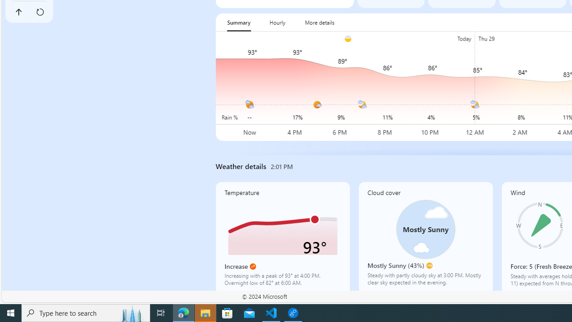 This screenshot has height=322, width=572. What do you see at coordinates (39, 12) in the screenshot?
I see `'Refresh this page'` at bounding box center [39, 12].